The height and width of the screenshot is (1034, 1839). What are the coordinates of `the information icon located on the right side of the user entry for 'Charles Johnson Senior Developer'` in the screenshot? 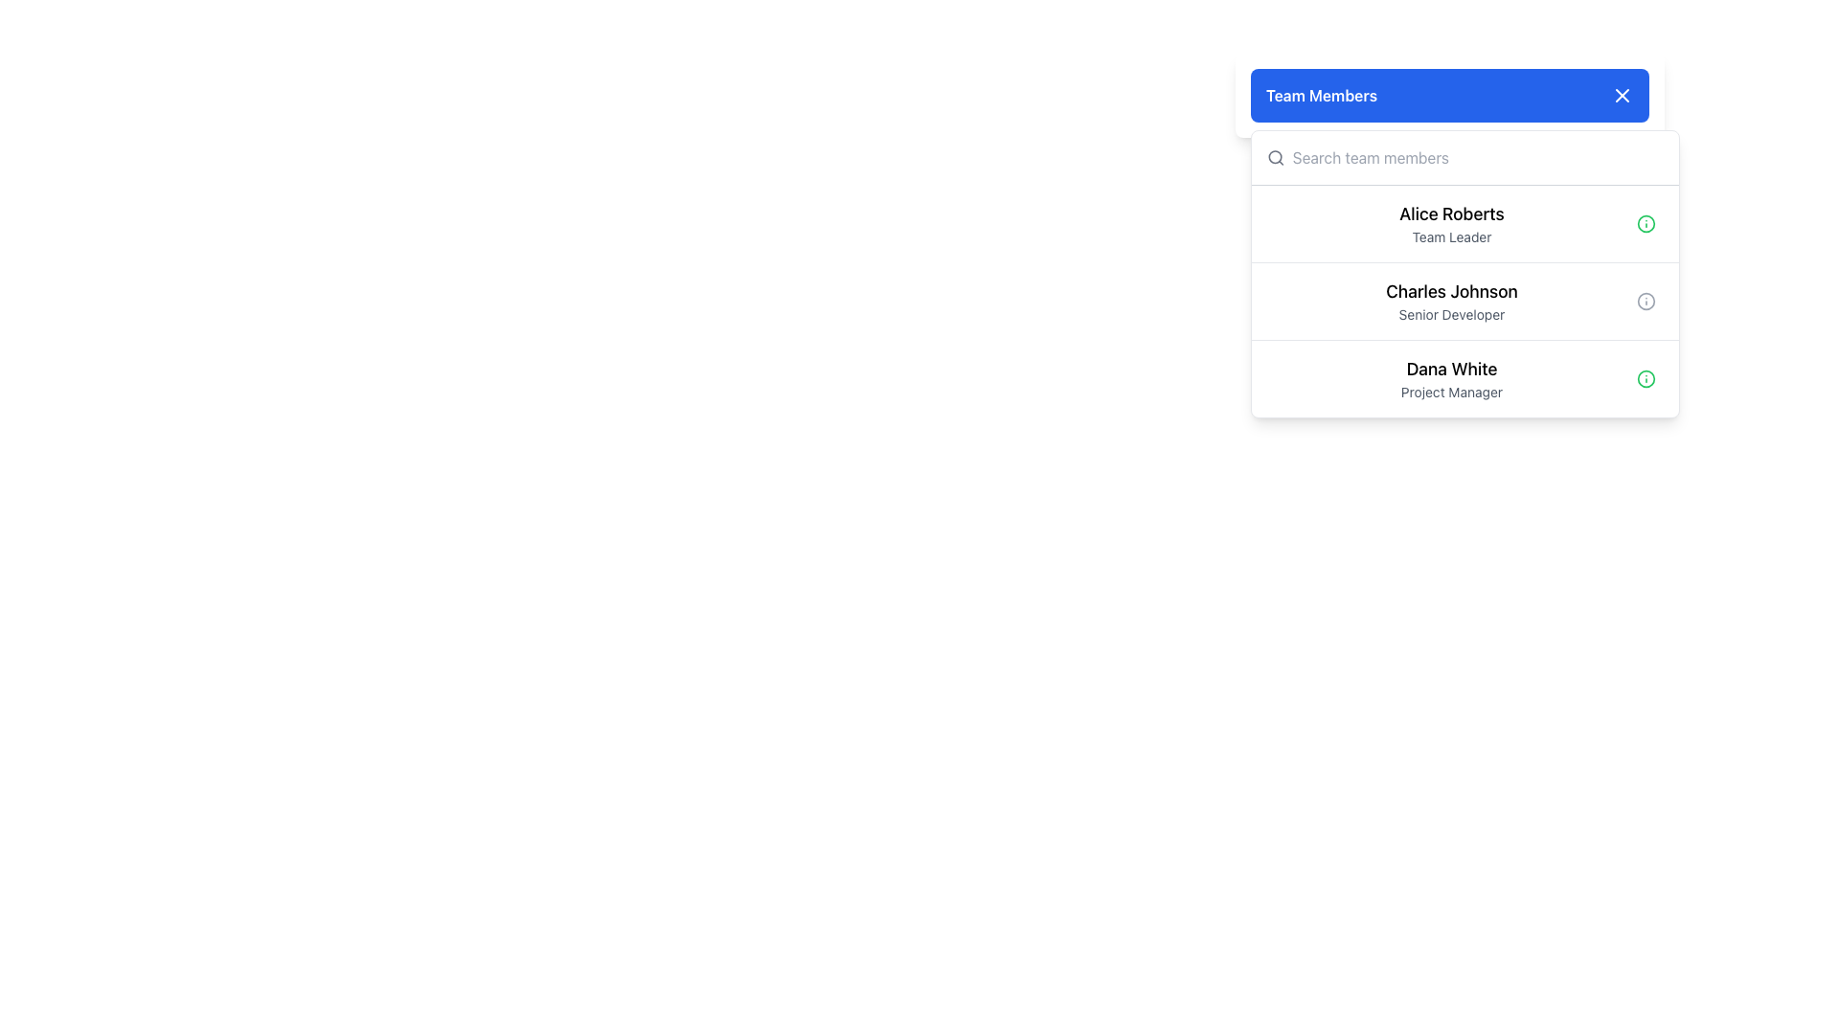 It's located at (1645, 302).